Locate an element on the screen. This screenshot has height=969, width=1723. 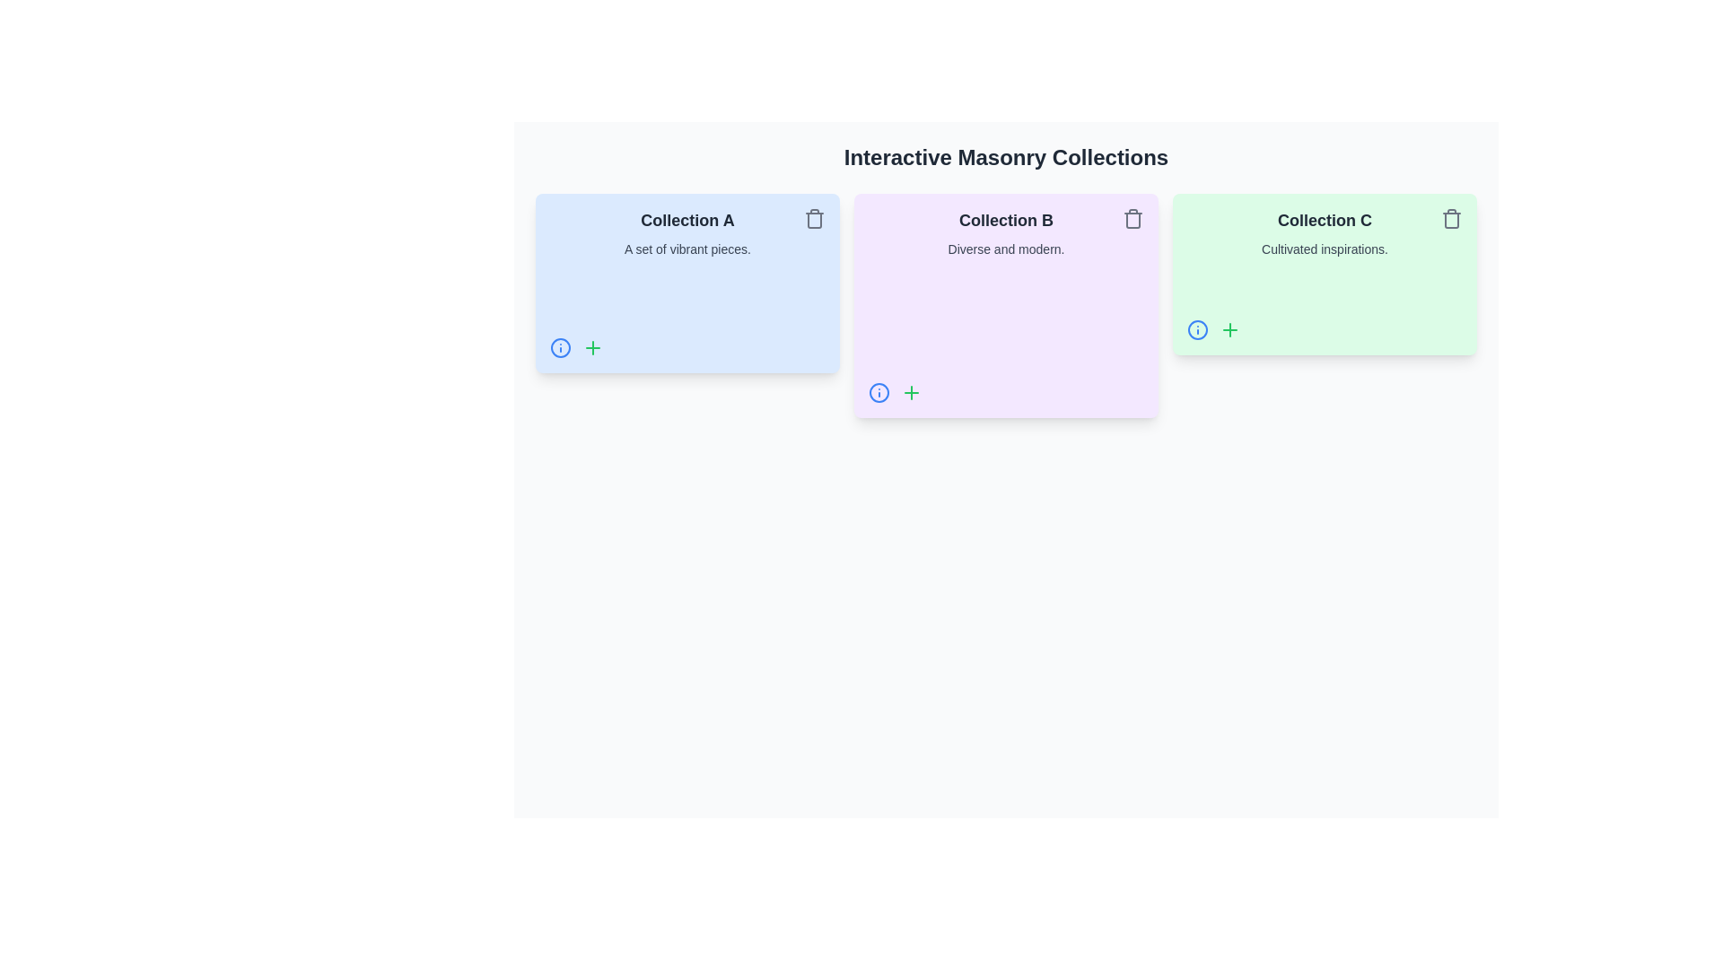
the interactive button located in the bottom-left corner of the 'Collection C' card is located at coordinates (1197, 329).